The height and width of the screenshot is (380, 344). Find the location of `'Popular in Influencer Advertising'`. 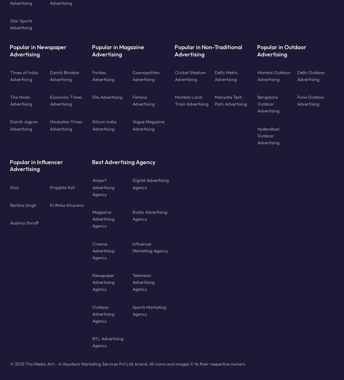

'Popular in Influencer Advertising' is located at coordinates (9, 165).